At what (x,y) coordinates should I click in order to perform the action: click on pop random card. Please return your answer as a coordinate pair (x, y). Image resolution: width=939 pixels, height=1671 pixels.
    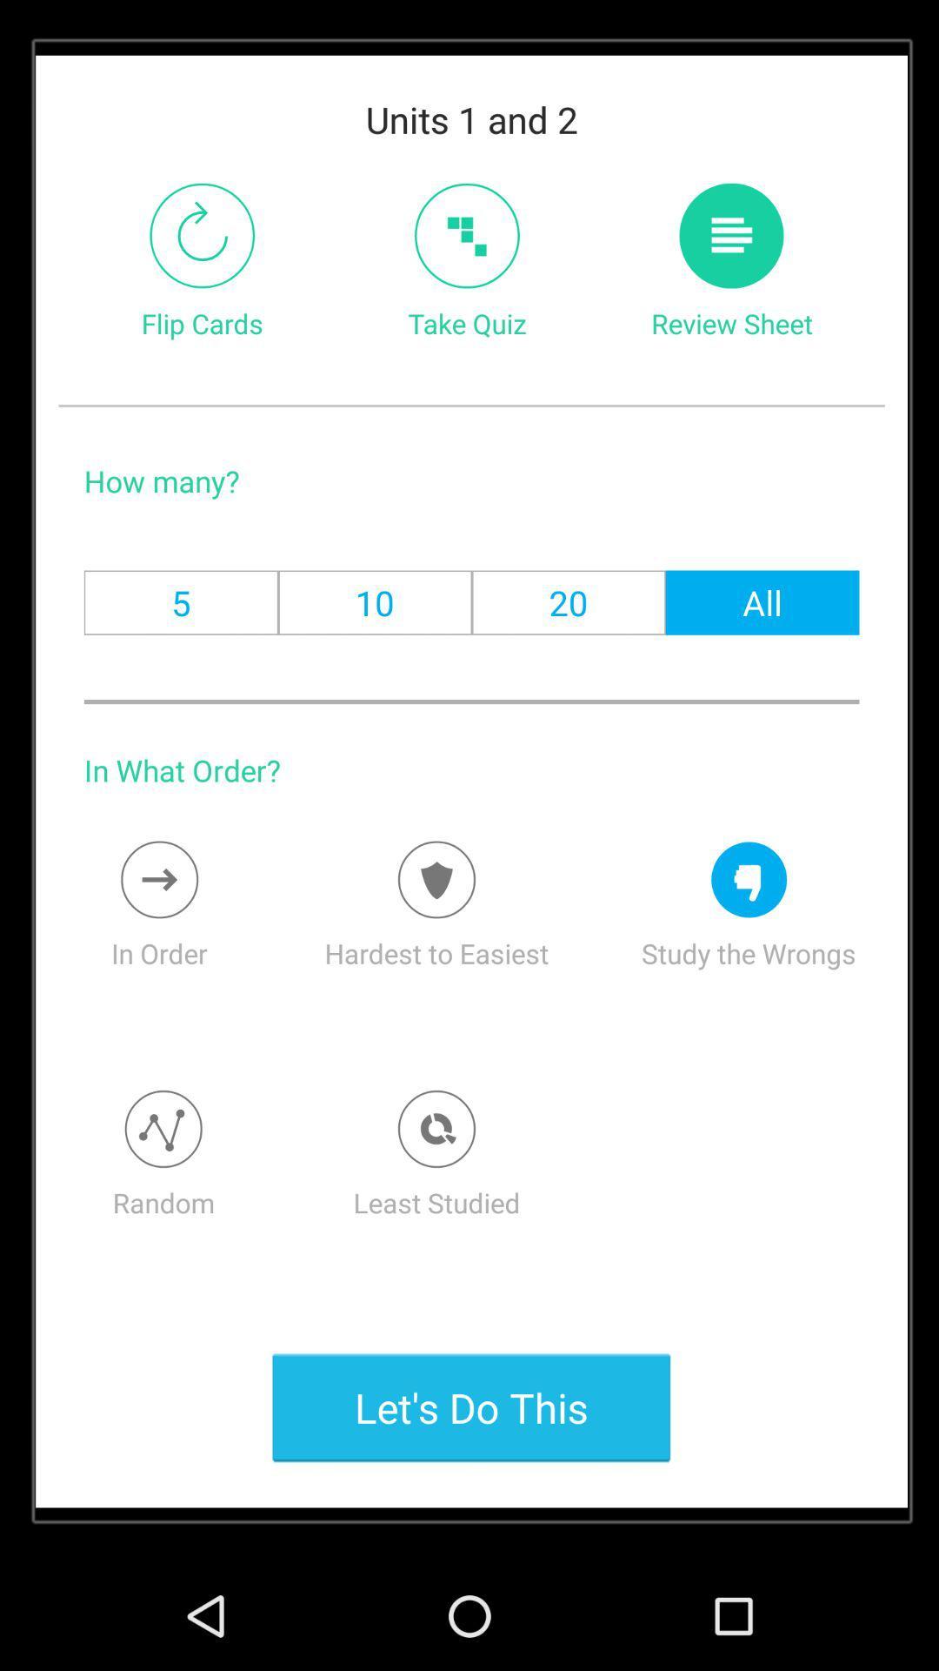
    Looking at the image, I should click on (163, 1129).